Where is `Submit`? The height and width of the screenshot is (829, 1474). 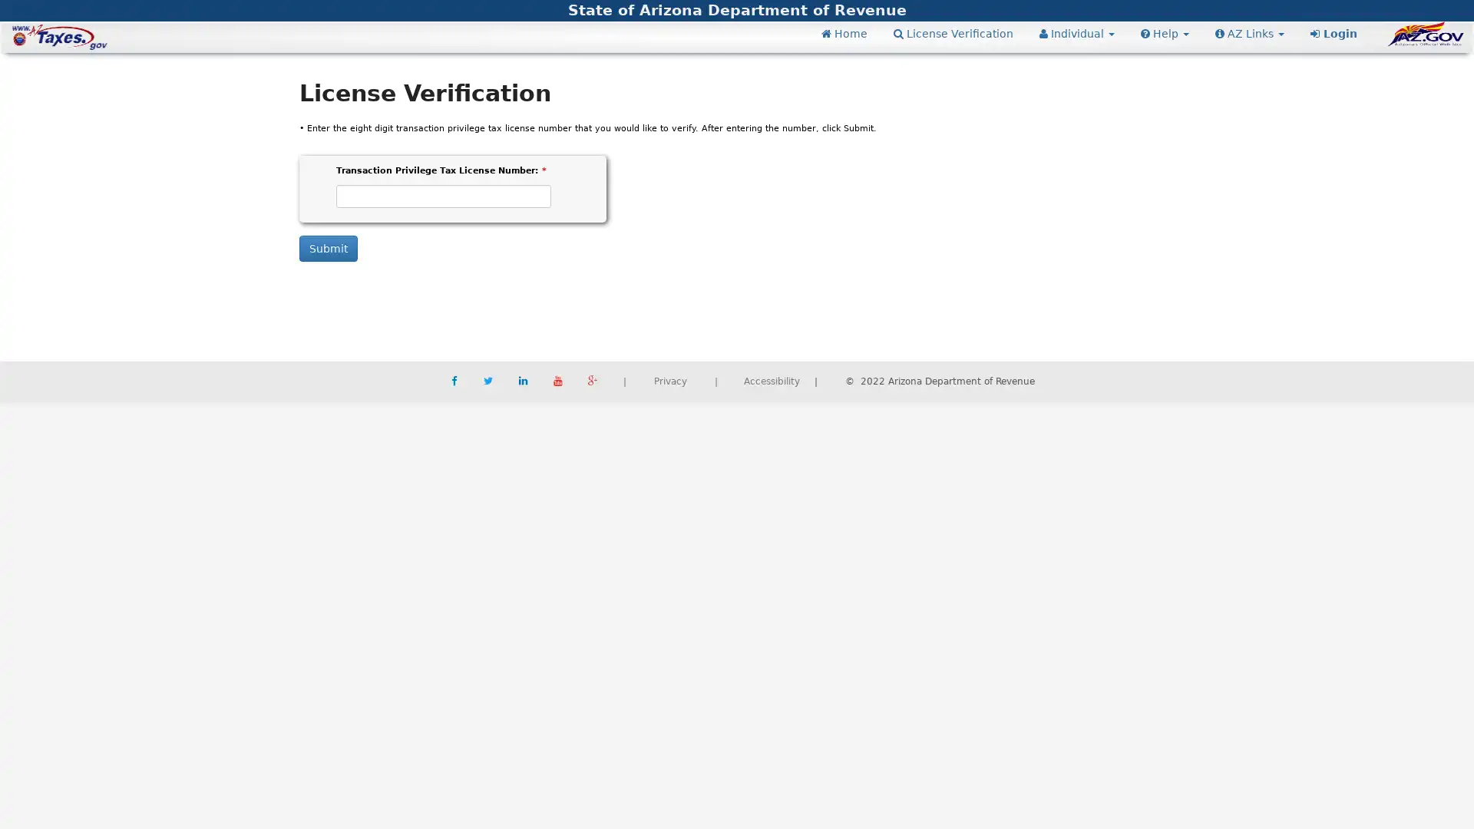
Submit is located at coordinates (327, 247).